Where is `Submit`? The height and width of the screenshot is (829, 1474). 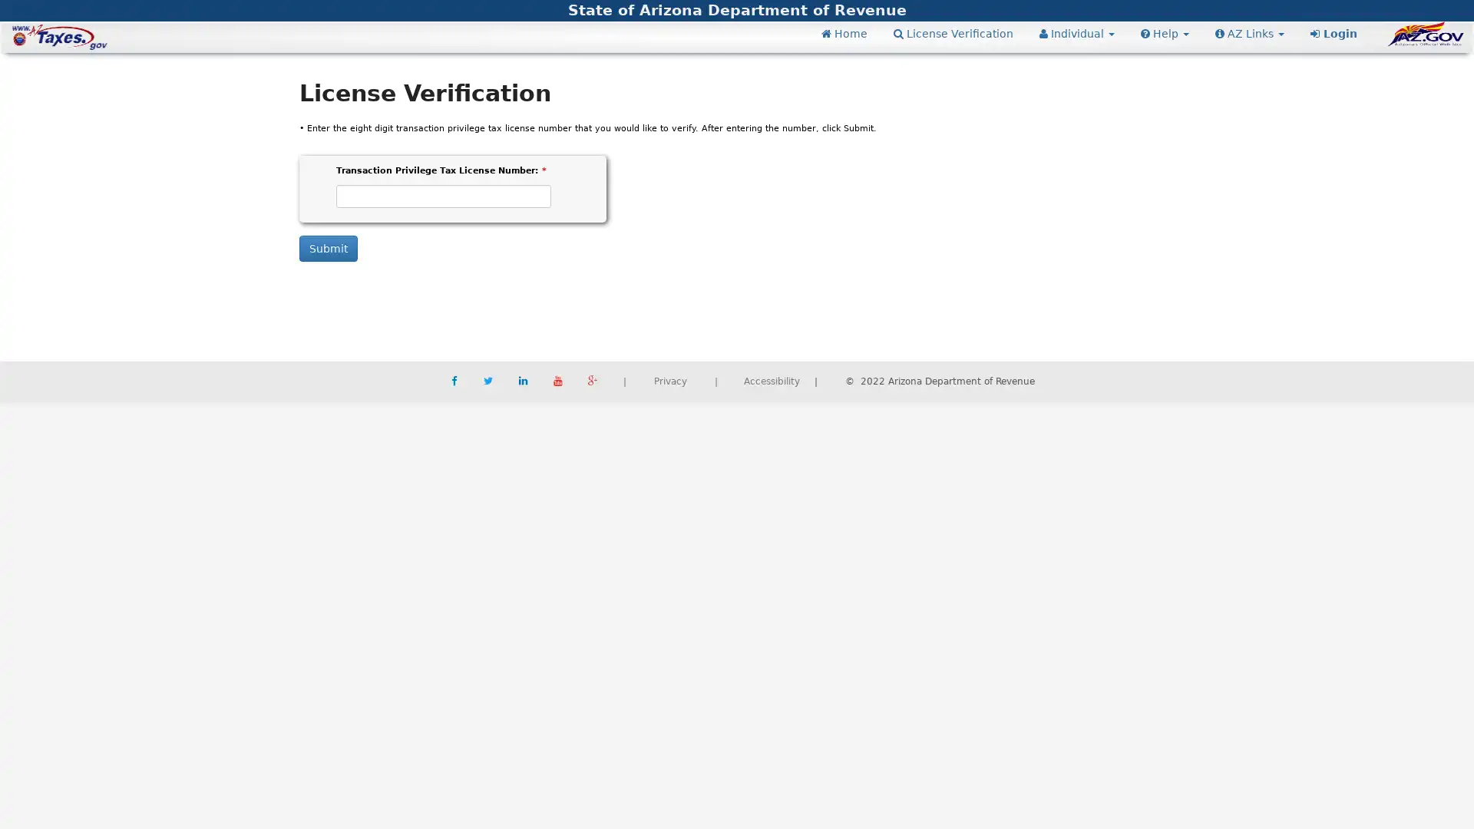
Submit is located at coordinates (327, 247).